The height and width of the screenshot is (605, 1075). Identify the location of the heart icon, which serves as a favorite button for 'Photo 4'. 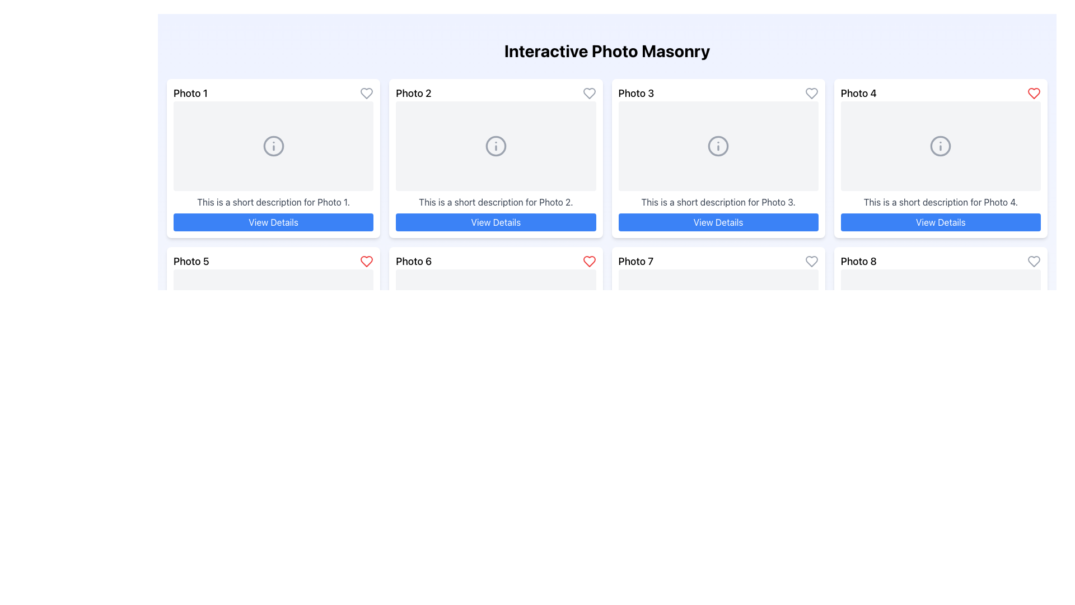
(367, 261).